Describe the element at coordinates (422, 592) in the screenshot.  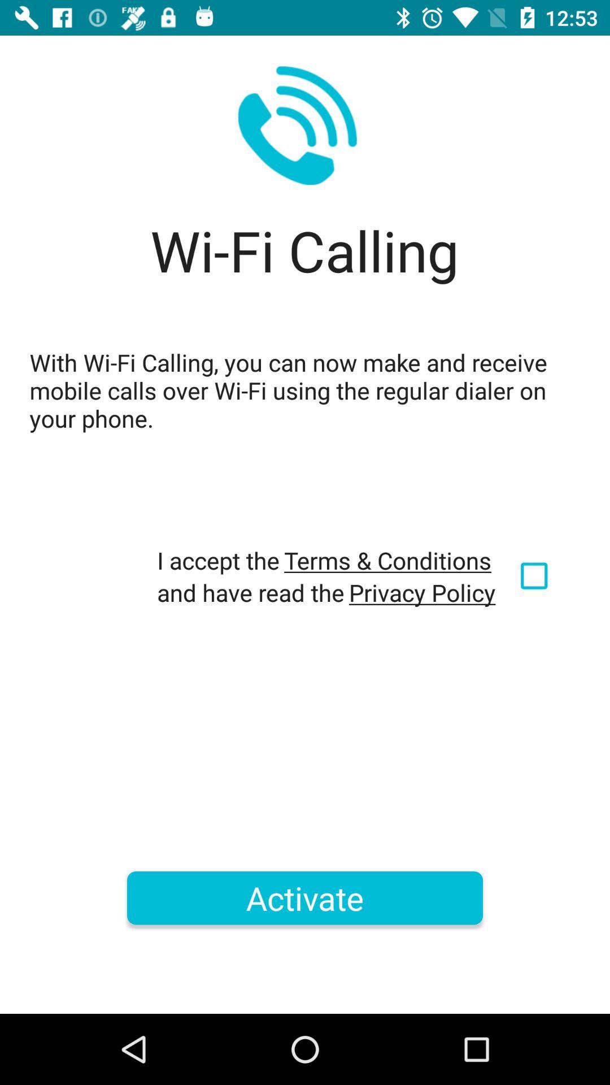
I see `icon below the terms & conditions` at that location.